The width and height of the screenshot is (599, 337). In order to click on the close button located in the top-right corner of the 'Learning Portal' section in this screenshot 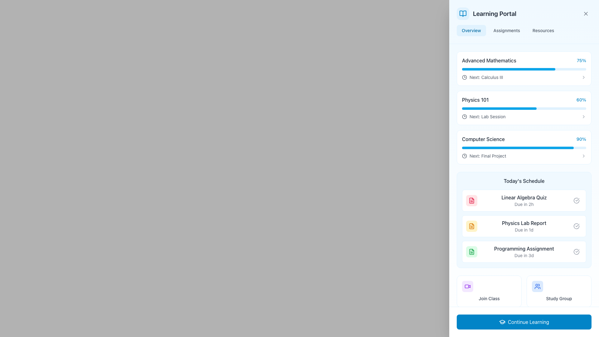, I will do `click(585, 13)`.